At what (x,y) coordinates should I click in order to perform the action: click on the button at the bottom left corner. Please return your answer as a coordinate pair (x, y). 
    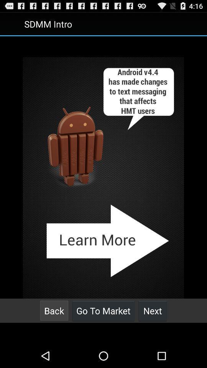
    Looking at the image, I should click on (54, 310).